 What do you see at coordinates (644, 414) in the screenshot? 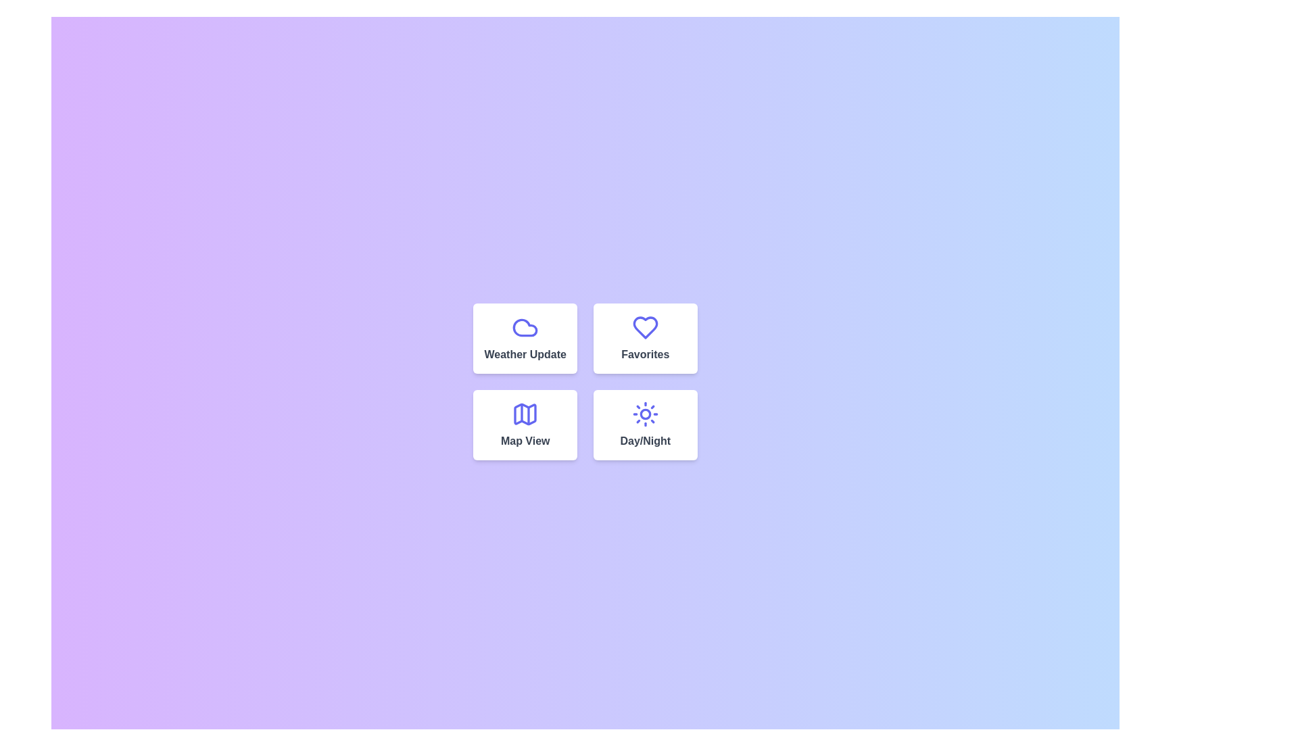
I see `the sun-shaped icon with indigo color located in the bottom-right corner of the 'Day/Night' card, positioned above the text label 'Day/Night'` at bounding box center [644, 414].